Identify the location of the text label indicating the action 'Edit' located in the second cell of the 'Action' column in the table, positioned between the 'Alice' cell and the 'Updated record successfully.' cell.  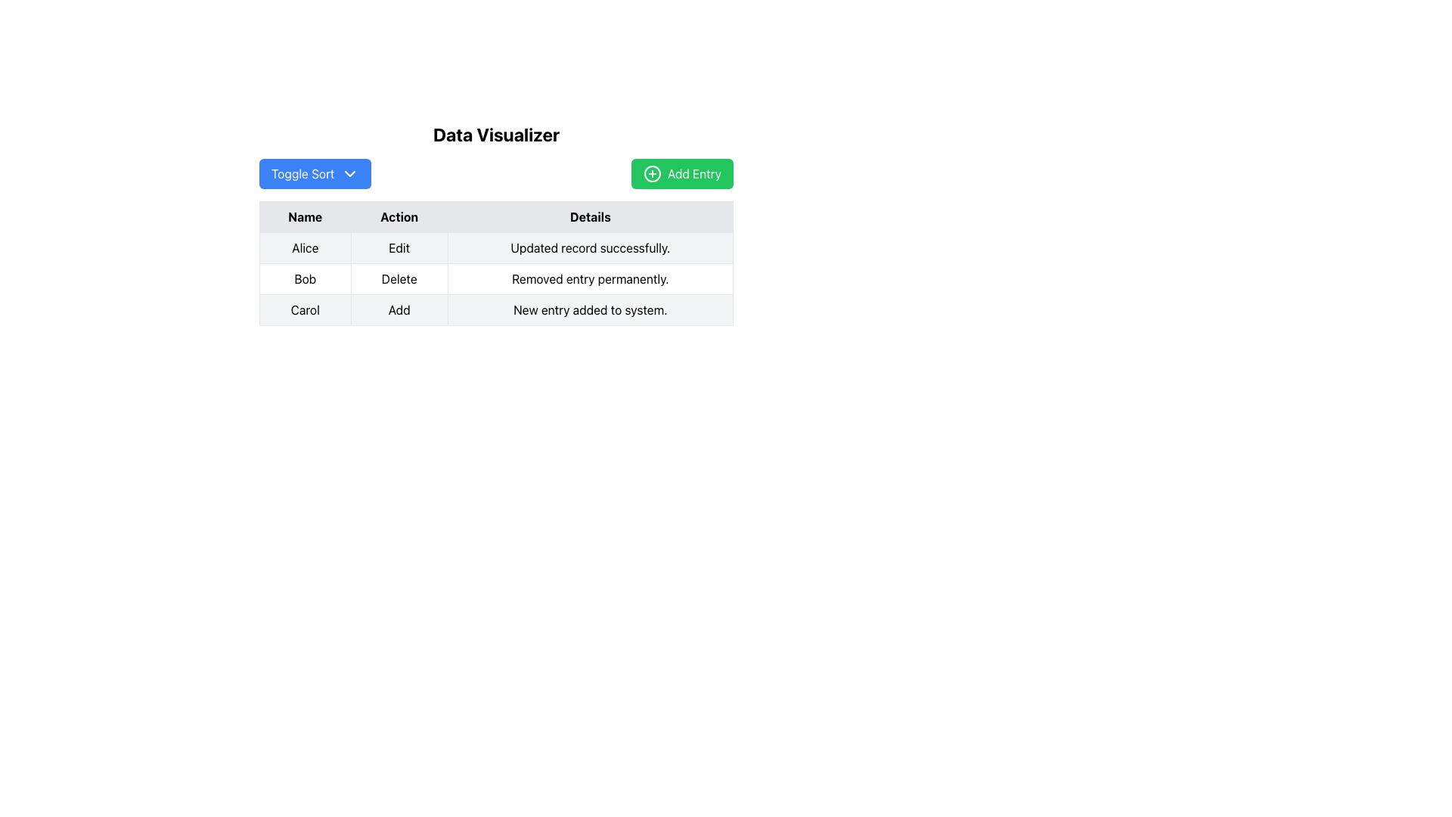
(399, 247).